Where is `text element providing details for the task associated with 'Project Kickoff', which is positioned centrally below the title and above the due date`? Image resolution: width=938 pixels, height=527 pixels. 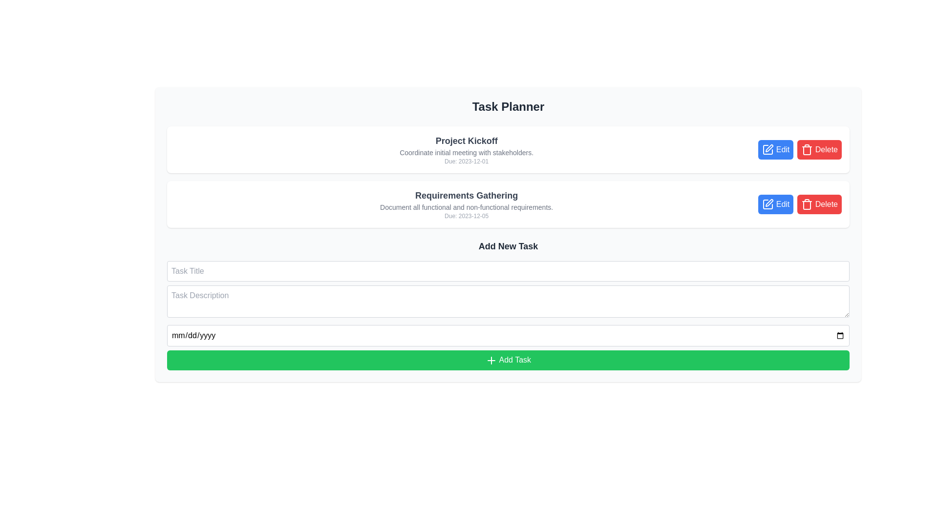 text element providing details for the task associated with 'Project Kickoff', which is positioned centrally below the title and above the due date is located at coordinates (466, 152).